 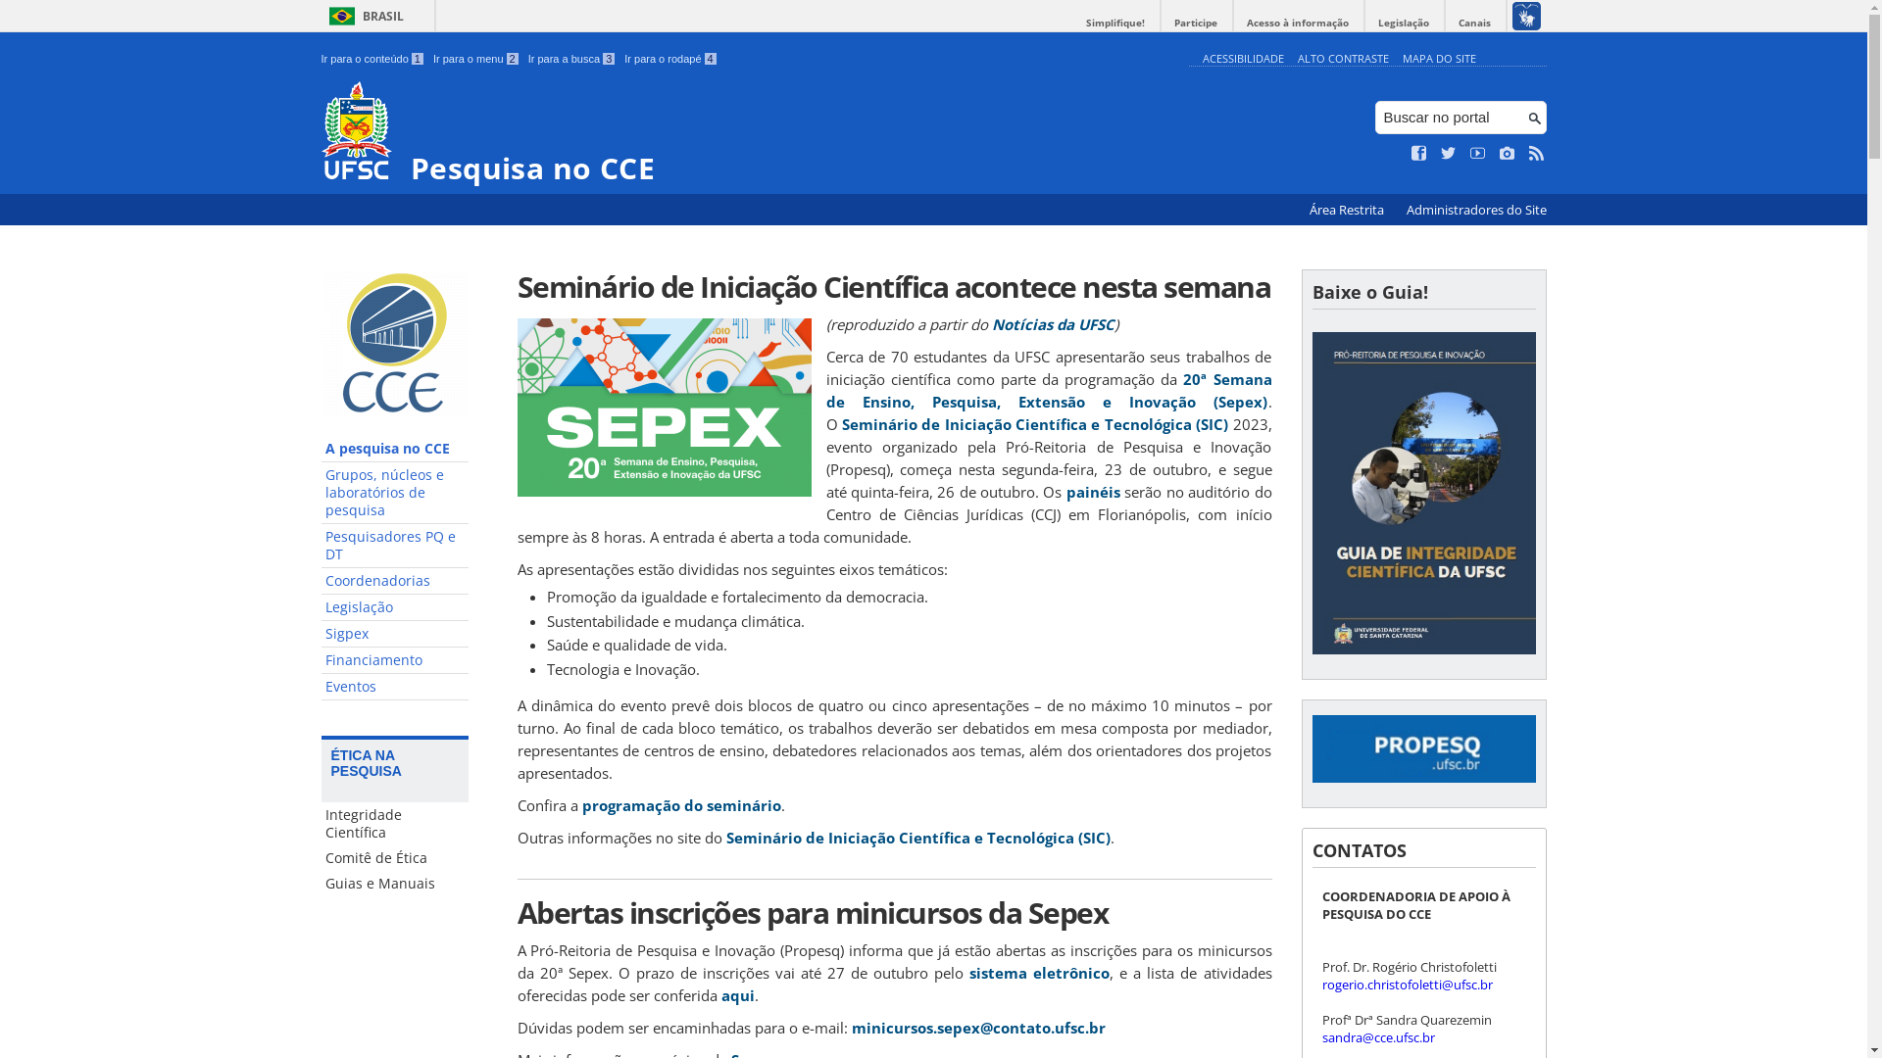 What do you see at coordinates (394, 580) in the screenshot?
I see `'Coordenadorias'` at bounding box center [394, 580].